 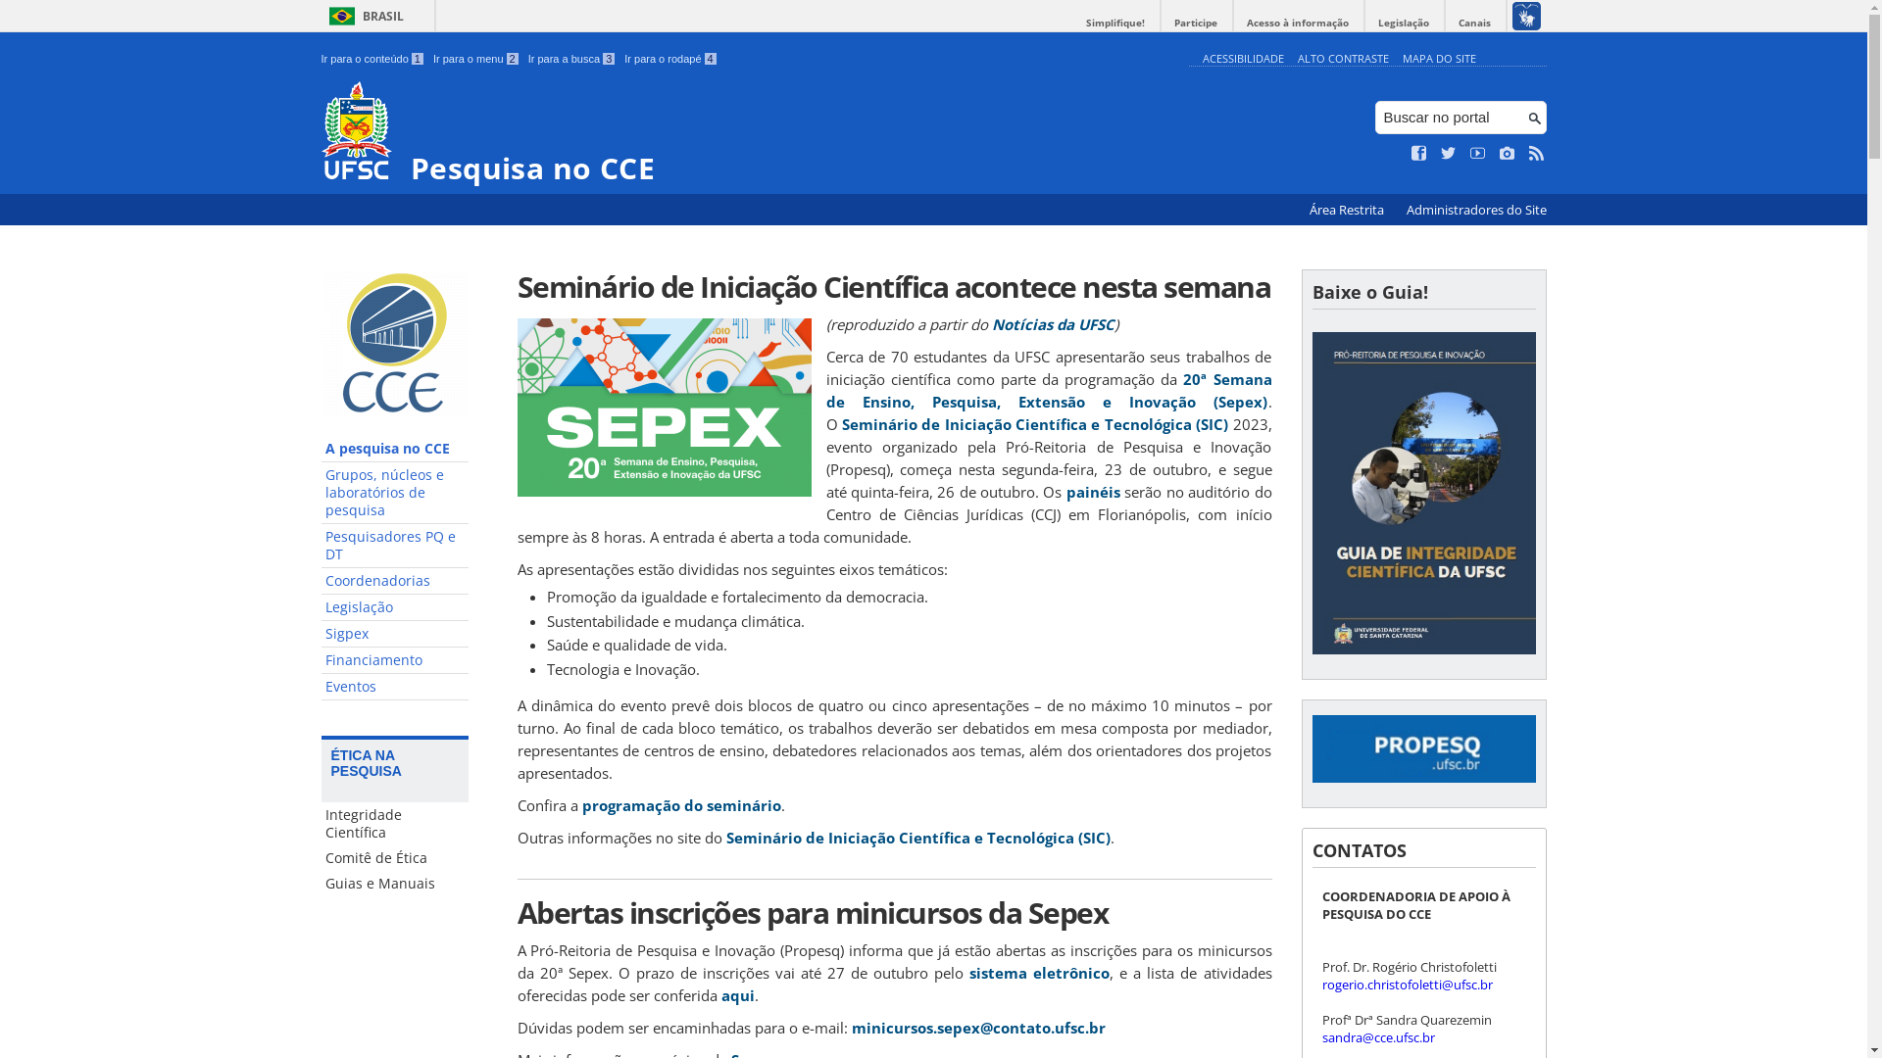 What do you see at coordinates (394, 580) in the screenshot?
I see `'Coordenadorias'` at bounding box center [394, 580].